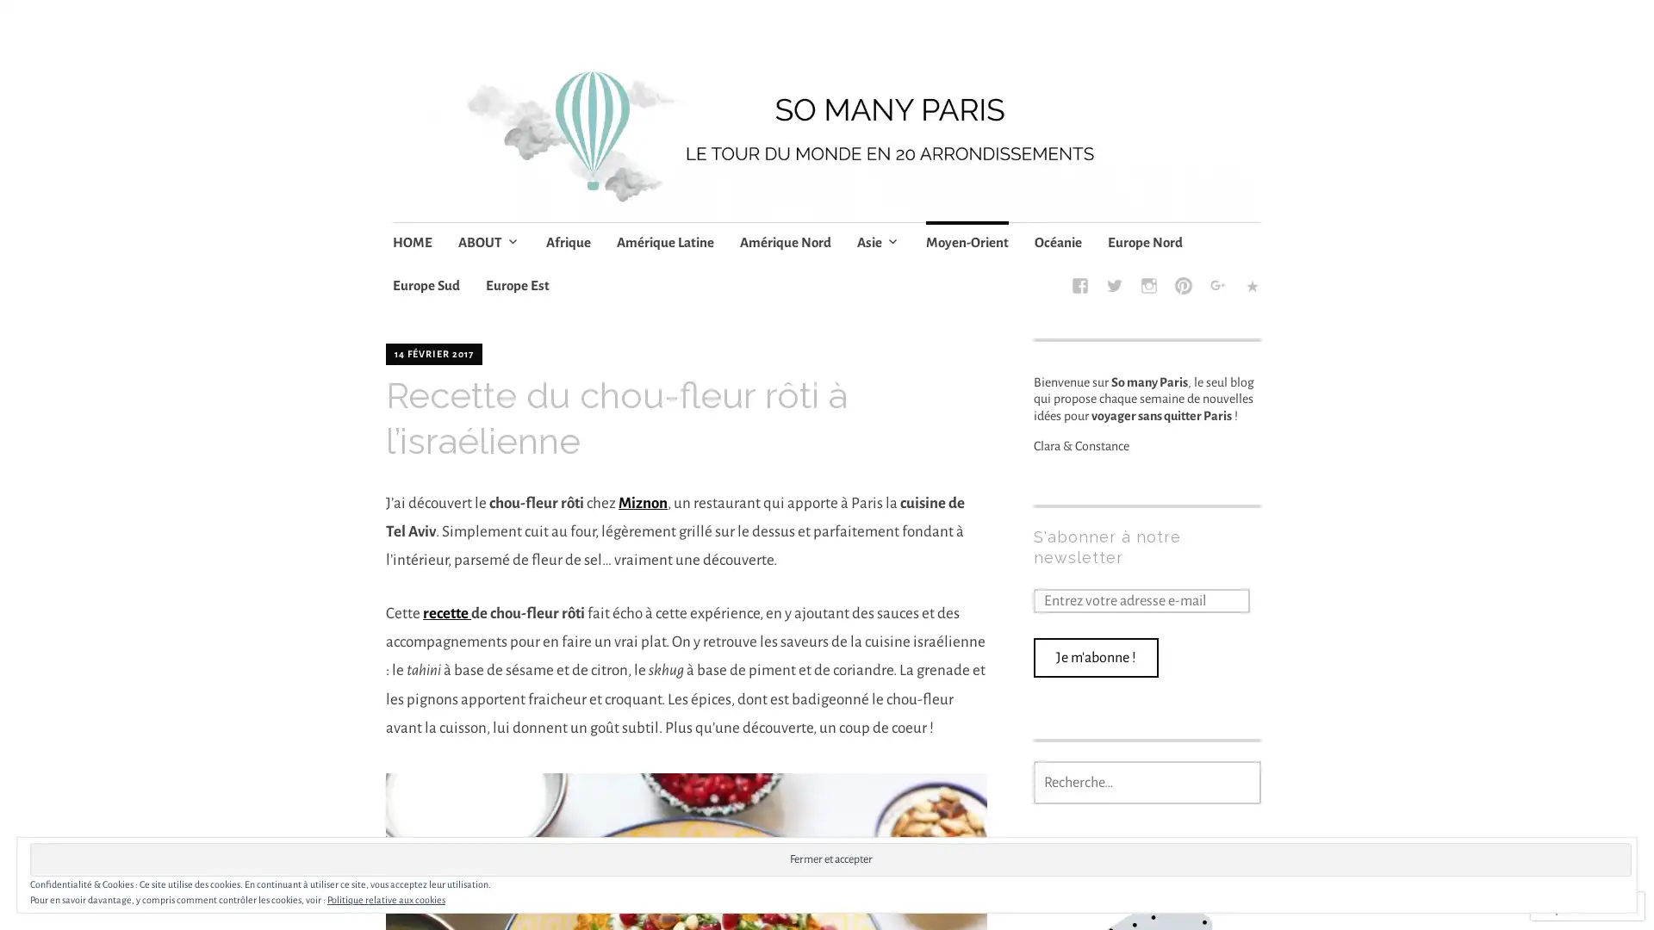  I want to click on Fermer et accepter, so click(830, 859).